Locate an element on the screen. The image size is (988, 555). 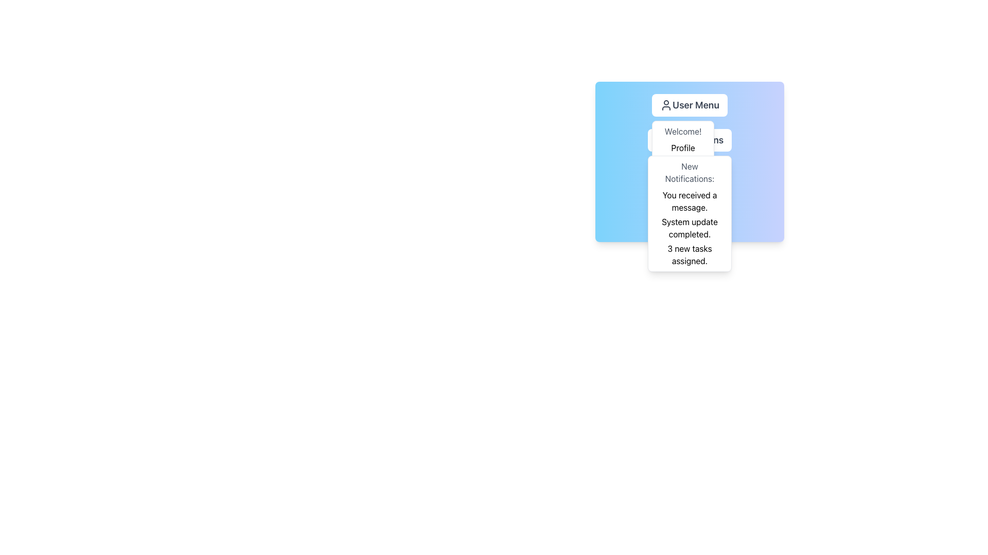
the non-interactive label that displays the number of new tasks assigned to the user, located in the 'New Notifications' dropdown menu, directly below the 'System update completed.' text item is located at coordinates (690, 254).